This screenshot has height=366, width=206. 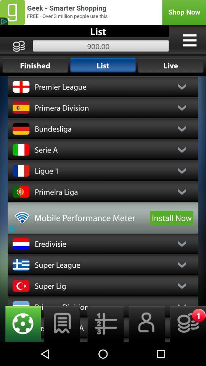 What do you see at coordinates (61, 323) in the screenshot?
I see `switch to notes` at bounding box center [61, 323].